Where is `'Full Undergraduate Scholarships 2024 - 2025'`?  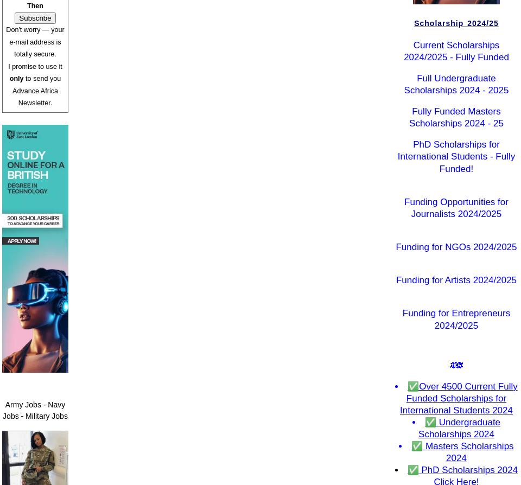 'Full Undergraduate Scholarships 2024 - 2025' is located at coordinates (456, 84).